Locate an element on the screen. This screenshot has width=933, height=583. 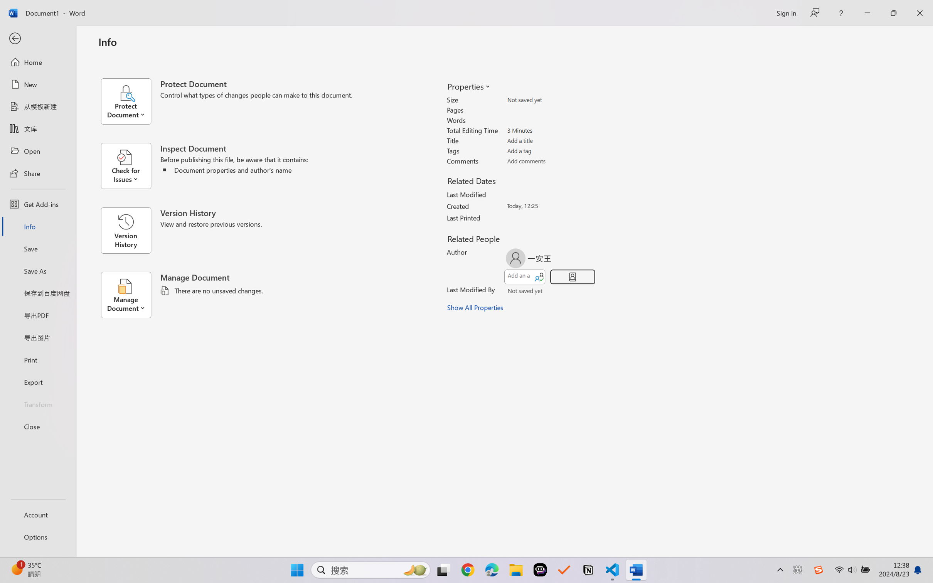
'Export' is located at coordinates (37, 381).